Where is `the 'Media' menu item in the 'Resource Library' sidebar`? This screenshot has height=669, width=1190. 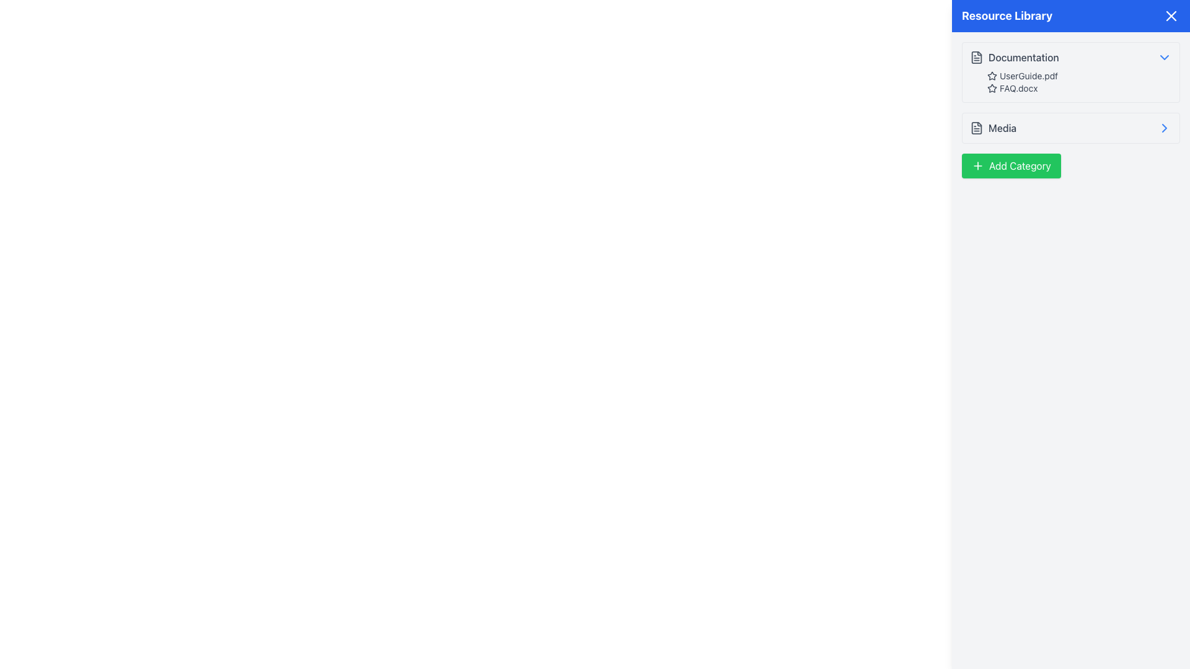 the 'Media' menu item in the 'Resource Library' sidebar is located at coordinates (993, 128).